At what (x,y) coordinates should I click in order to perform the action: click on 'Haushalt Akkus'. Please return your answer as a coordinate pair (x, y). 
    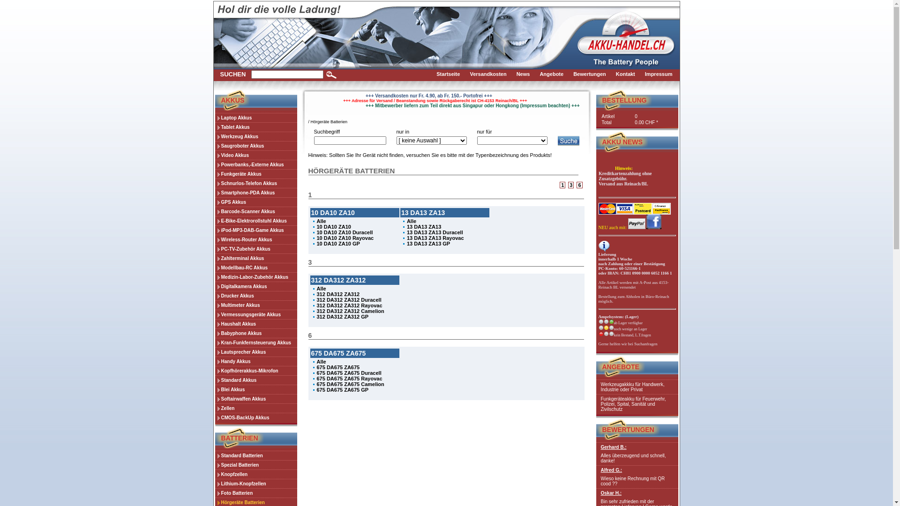
    Looking at the image, I should click on (214, 323).